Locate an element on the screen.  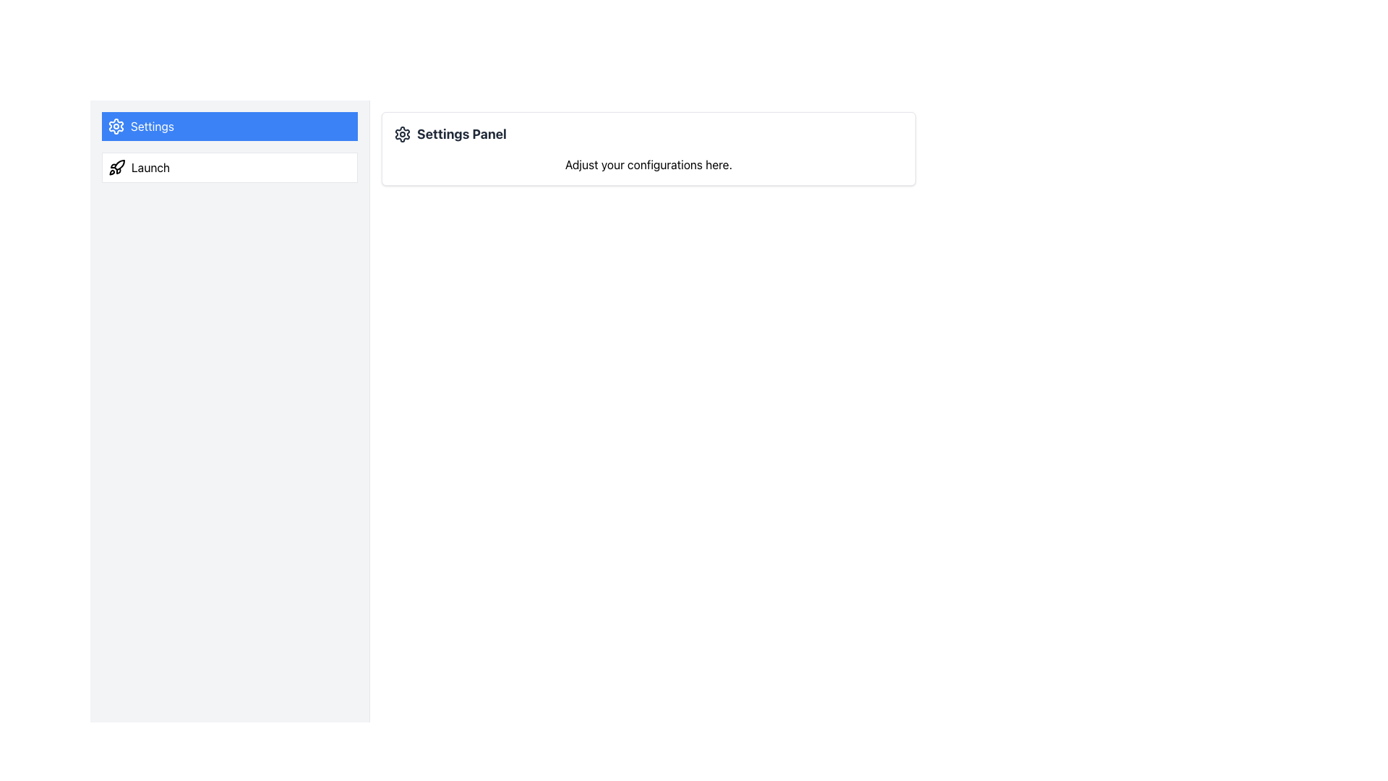
the text element that reads 'Adjust your configurations here.' located at the bottom of the 'Settings Panel' card is located at coordinates (648, 163).